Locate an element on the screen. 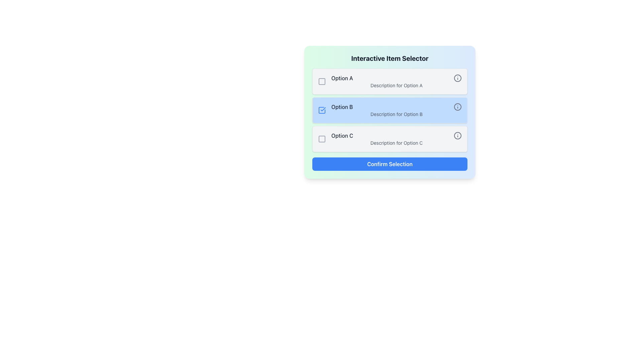  the second selectable option, 'Option B', in the item selection interface is located at coordinates (390, 112).